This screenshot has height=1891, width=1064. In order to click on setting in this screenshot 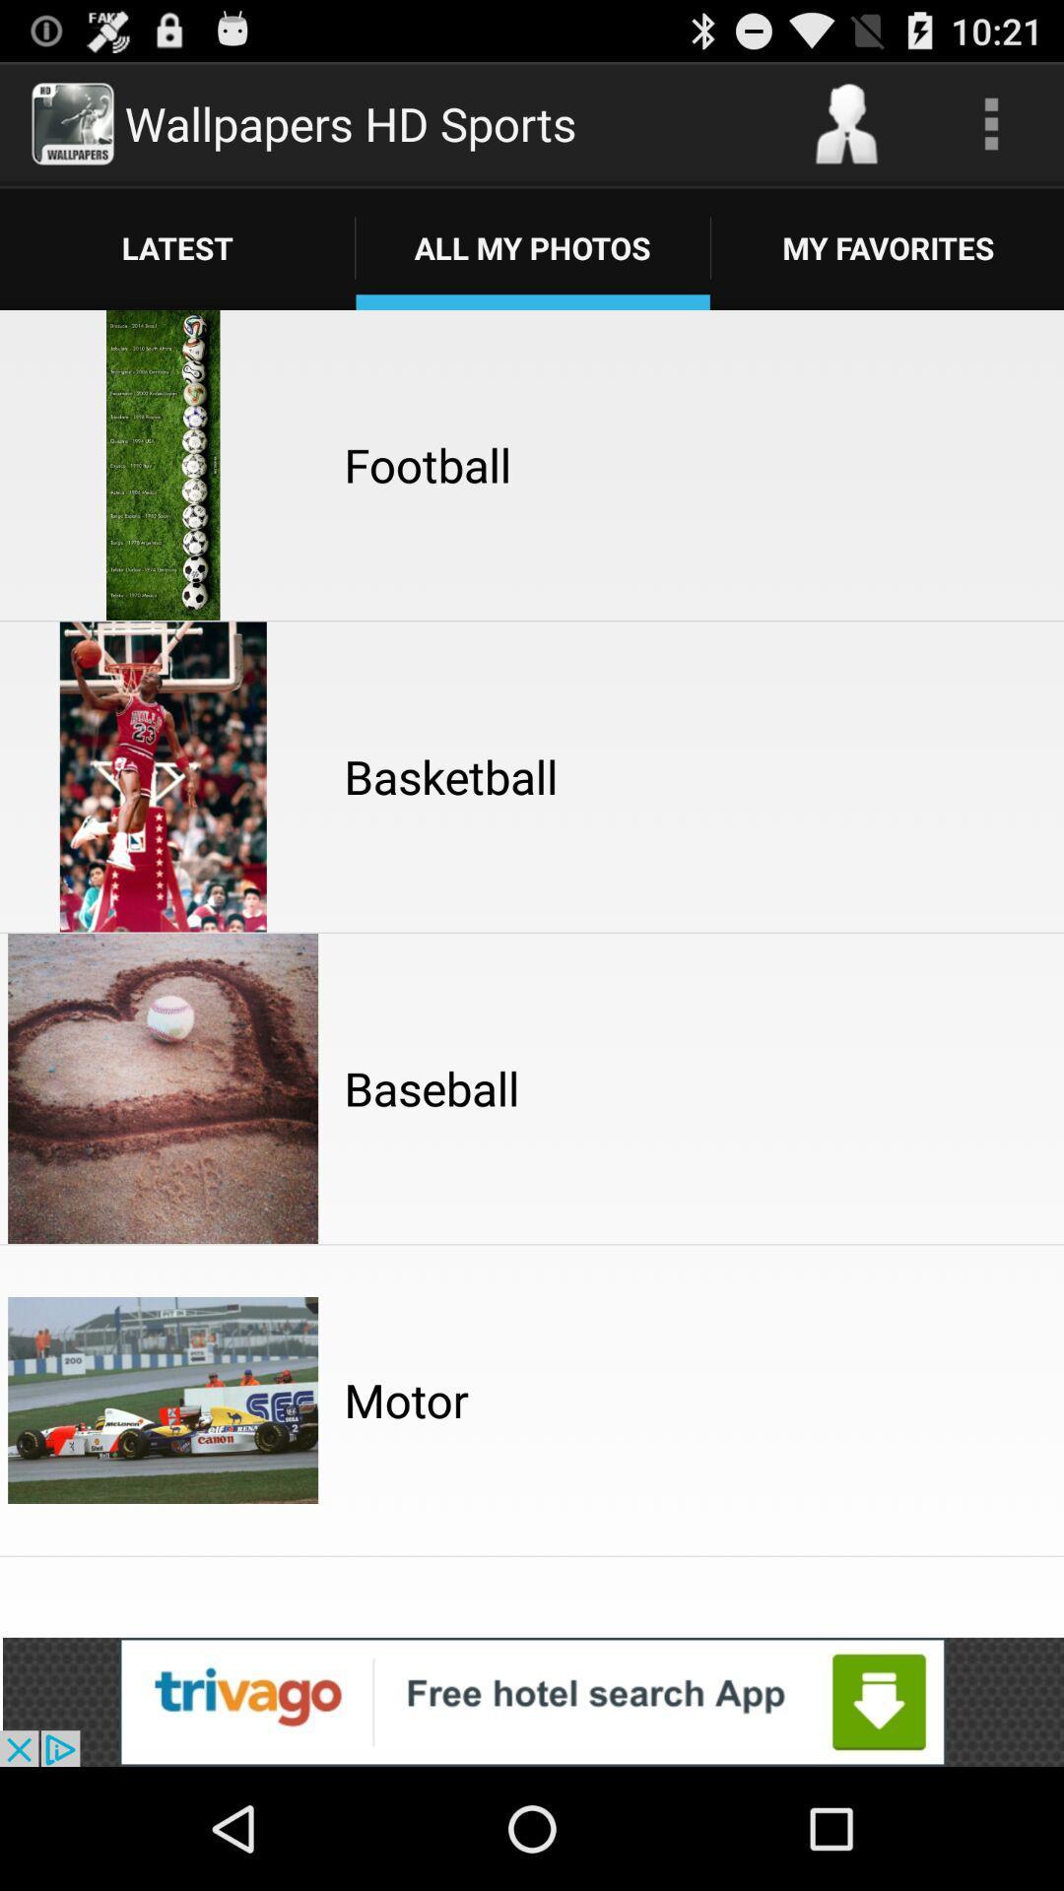, I will do `click(991, 122)`.